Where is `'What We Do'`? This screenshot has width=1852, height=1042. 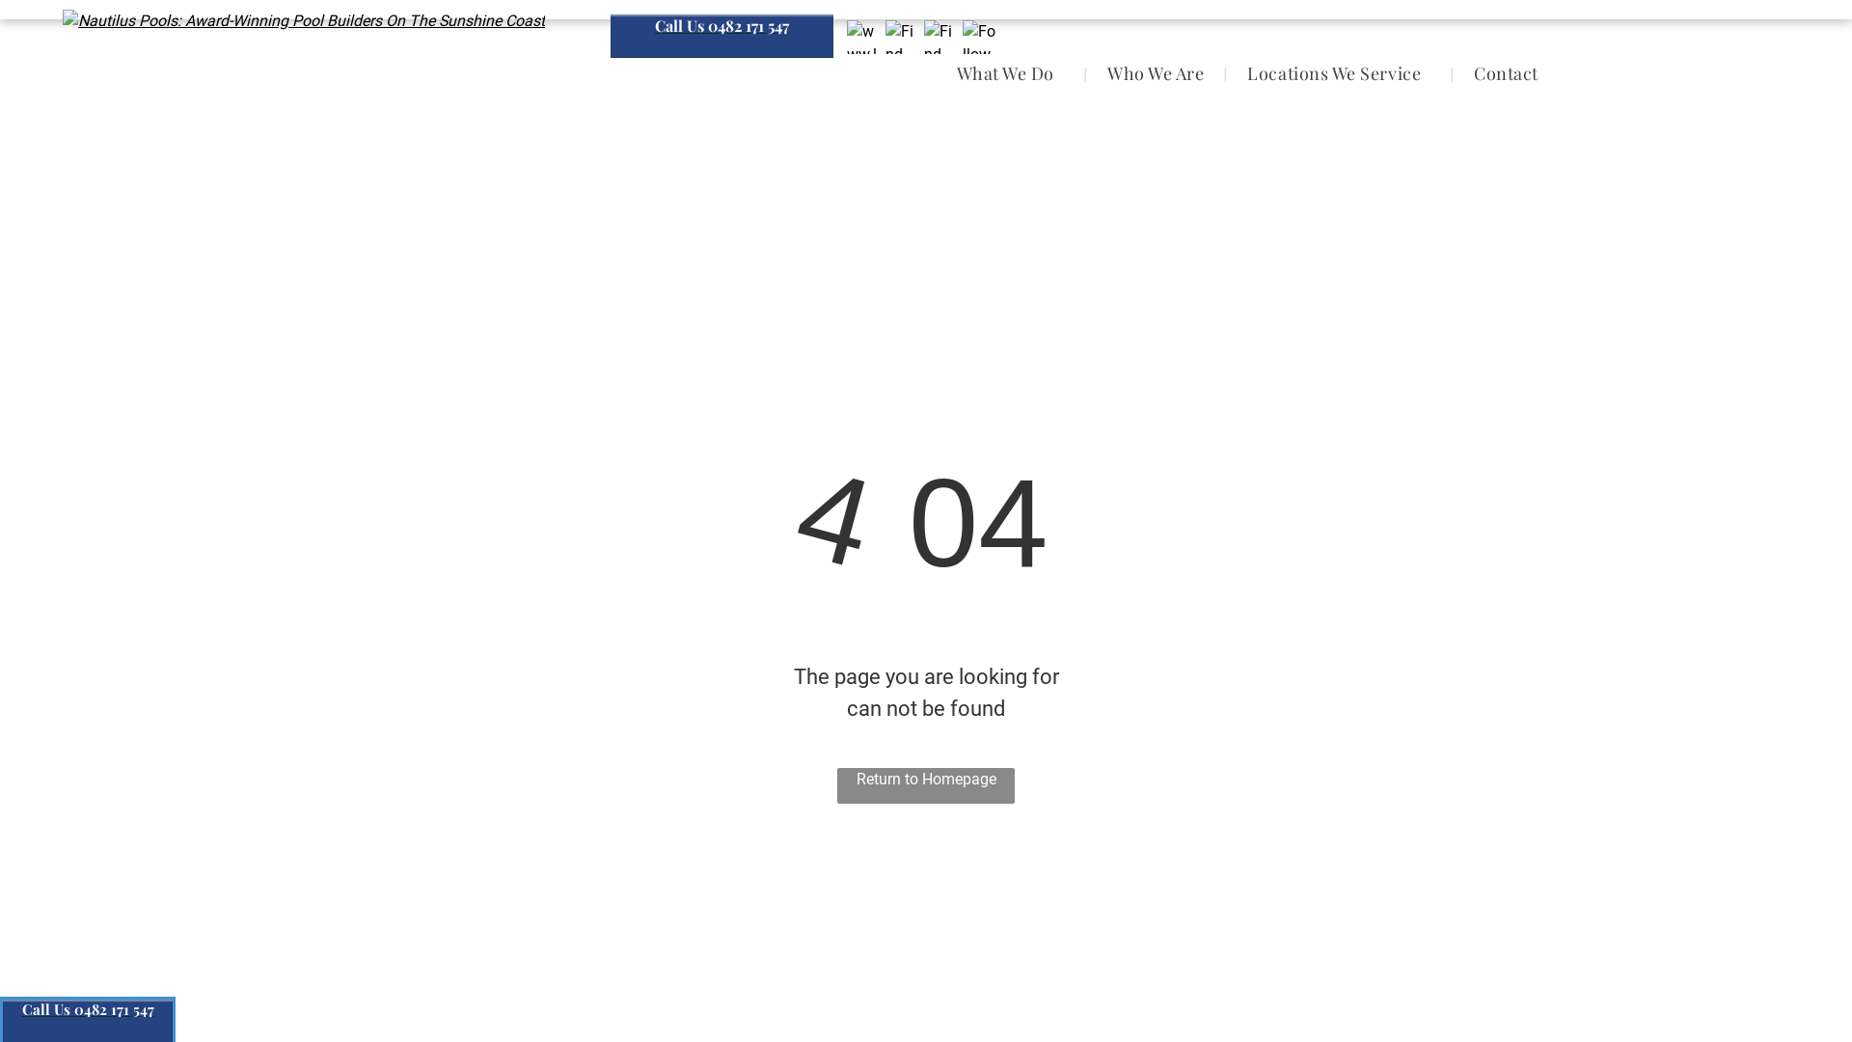 'What We Do' is located at coordinates (1009, 72).